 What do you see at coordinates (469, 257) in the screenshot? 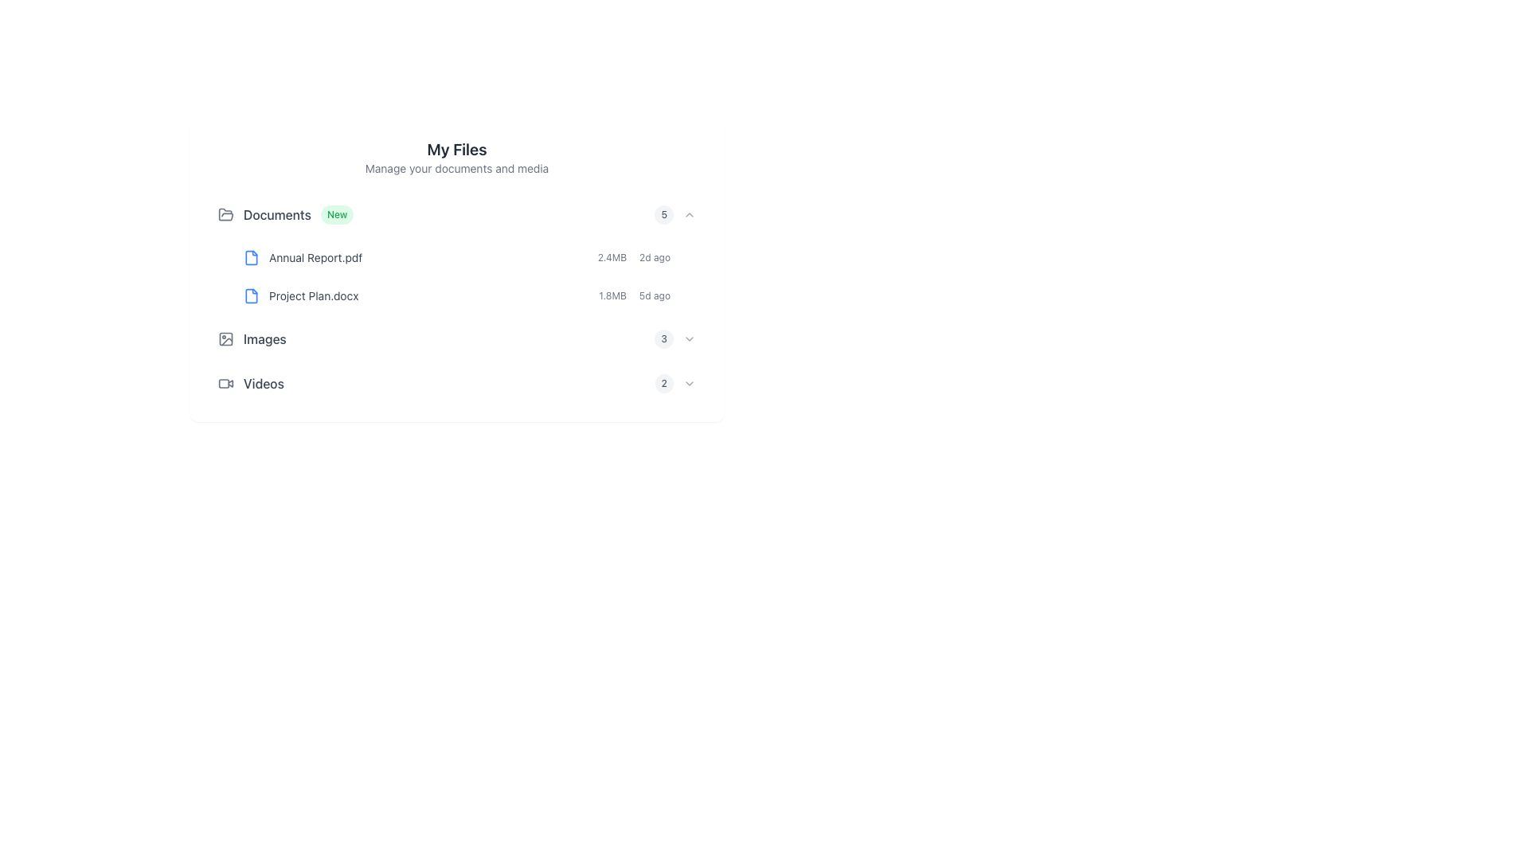
I see `the first file entry in the document list under the 'Documents' section` at bounding box center [469, 257].